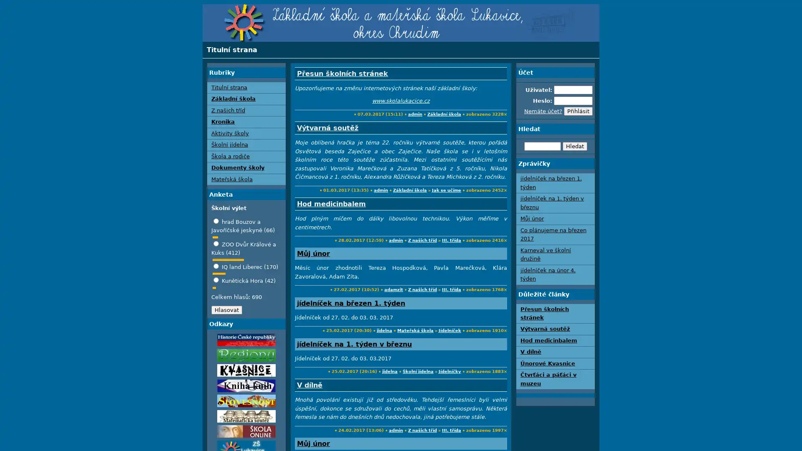  Describe the element at coordinates (578, 111) in the screenshot. I see `Prihlasit` at that location.